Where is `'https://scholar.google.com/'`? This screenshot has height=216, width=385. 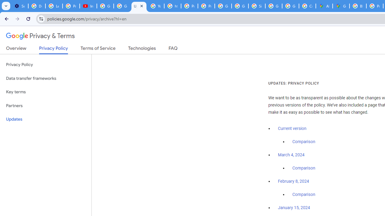 'https://scholar.google.com/' is located at coordinates (172, 6).